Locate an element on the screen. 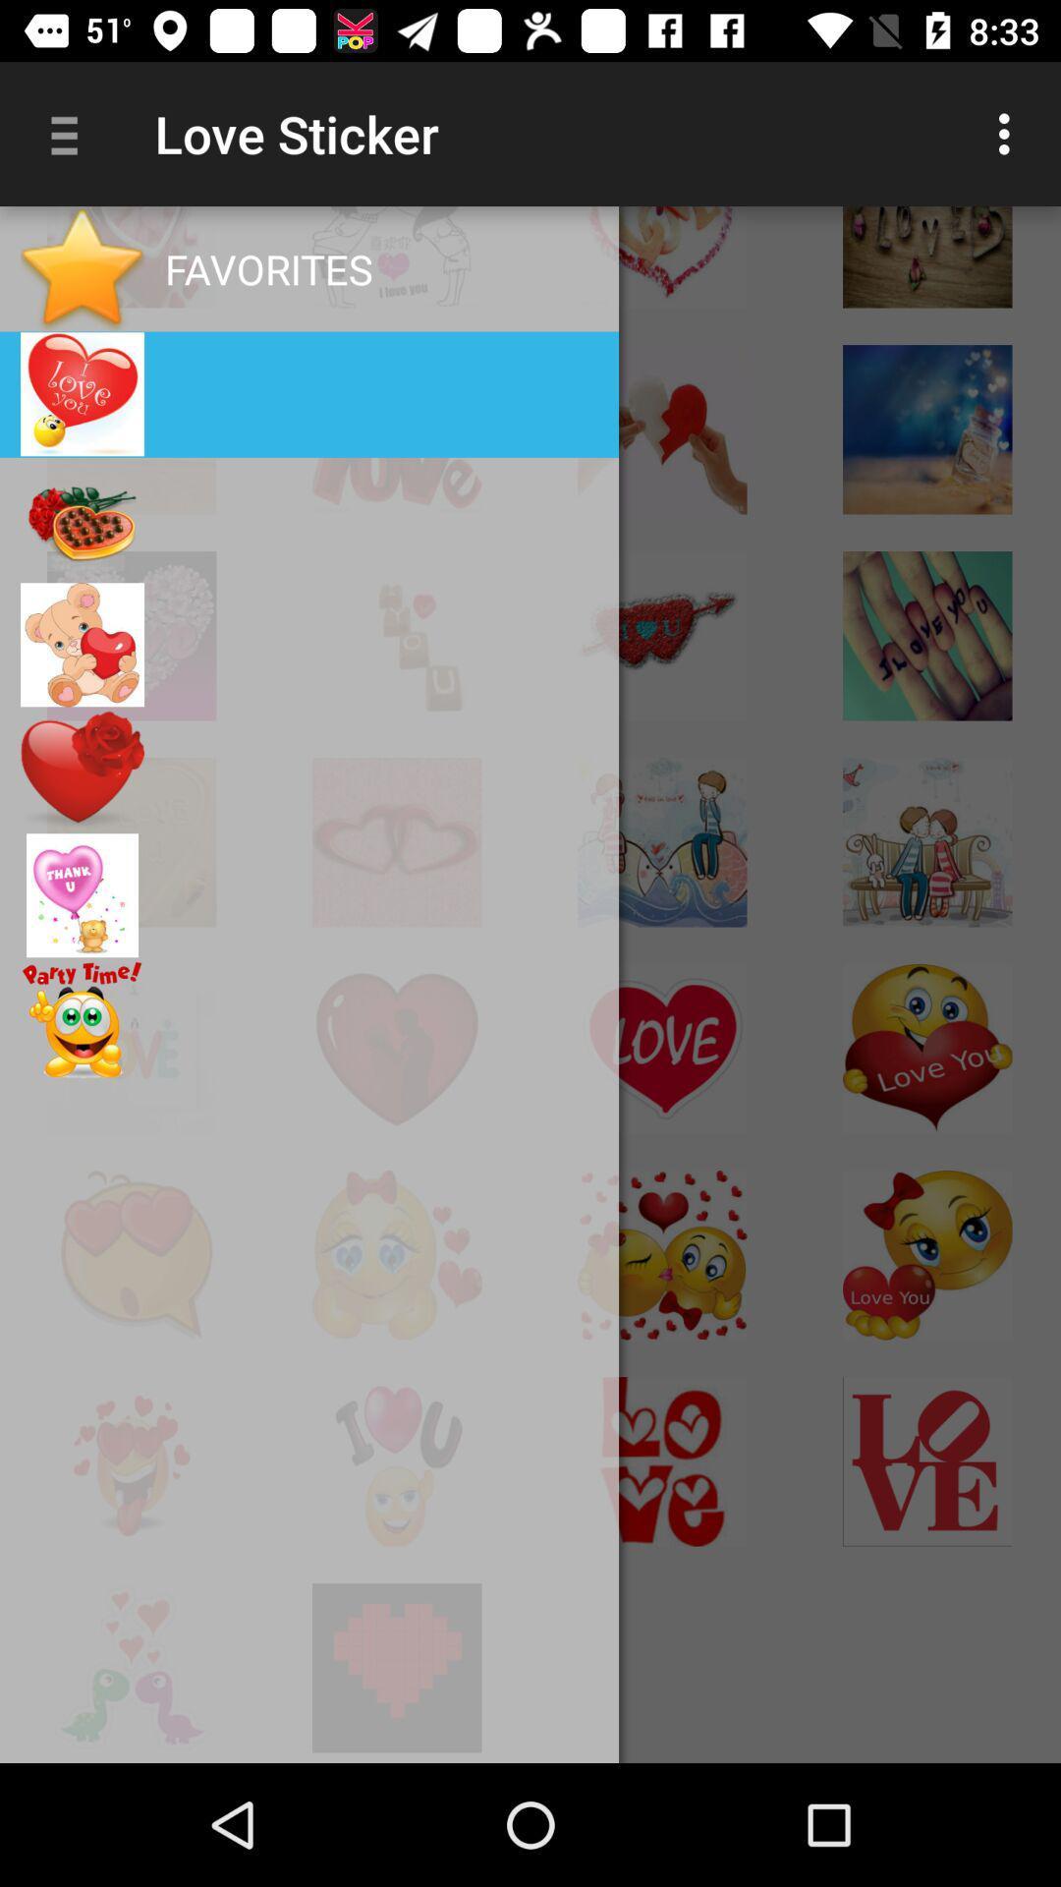 The height and width of the screenshot is (1887, 1061). teddy bare image is located at coordinates (82, 645).